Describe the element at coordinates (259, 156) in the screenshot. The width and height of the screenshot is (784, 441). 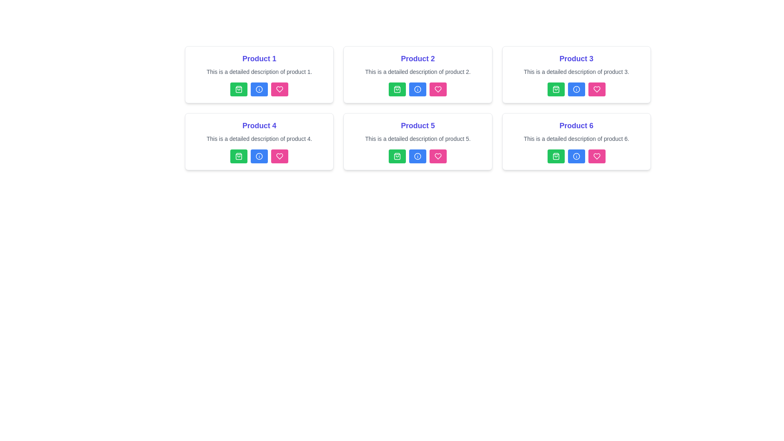
I see `the second icon from the left in the row of action buttons on the 'Product 4' card` at that location.